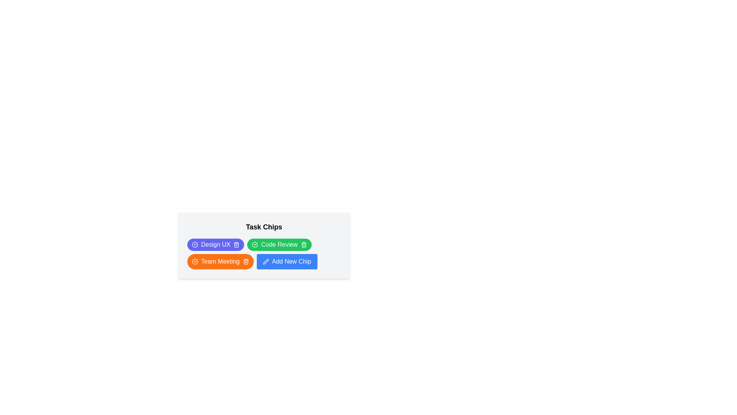  Describe the element at coordinates (215, 244) in the screenshot. I see `the 'Design UX' task button, which is the first item in a horizontally arranged list of buttons, located in the top-left corner adjacent to the 'Code Review' button` at that location.